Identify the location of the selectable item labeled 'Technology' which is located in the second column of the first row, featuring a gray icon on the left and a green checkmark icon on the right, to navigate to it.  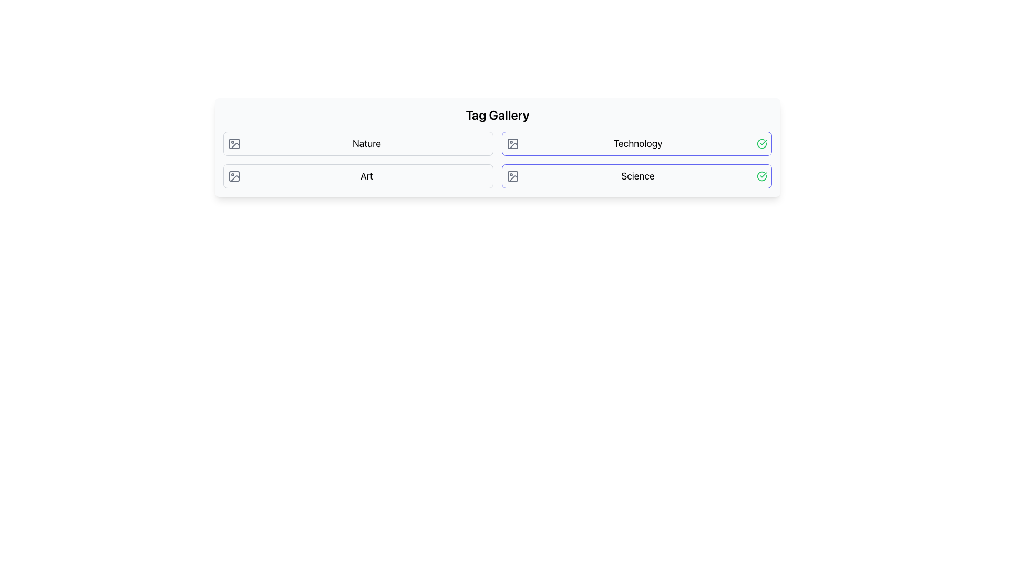
(636, 143).